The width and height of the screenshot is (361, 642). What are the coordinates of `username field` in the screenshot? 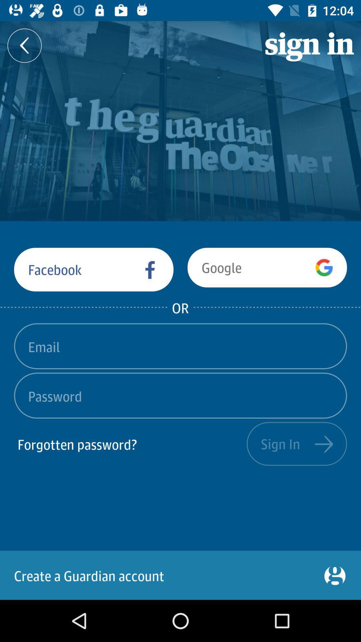 It's located at (180, 346).